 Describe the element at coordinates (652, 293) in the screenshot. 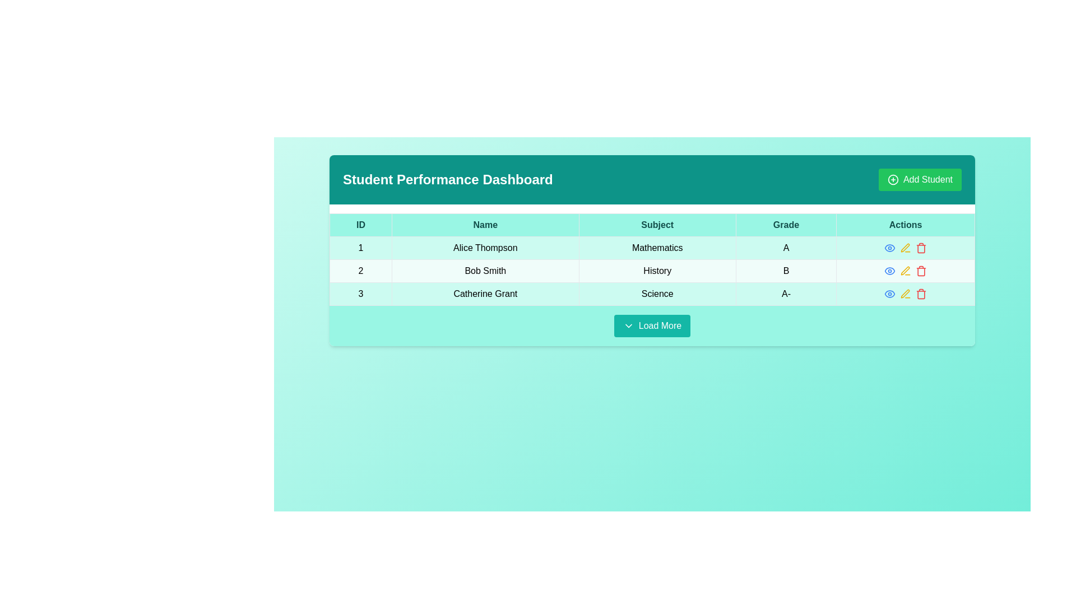

I see `the third row of the data table that contains details about a student, located under the 'Student Performance Dashboard' heading, directly below the rows for 'Alice Thompson' and 'Bob Smith'` at that location.